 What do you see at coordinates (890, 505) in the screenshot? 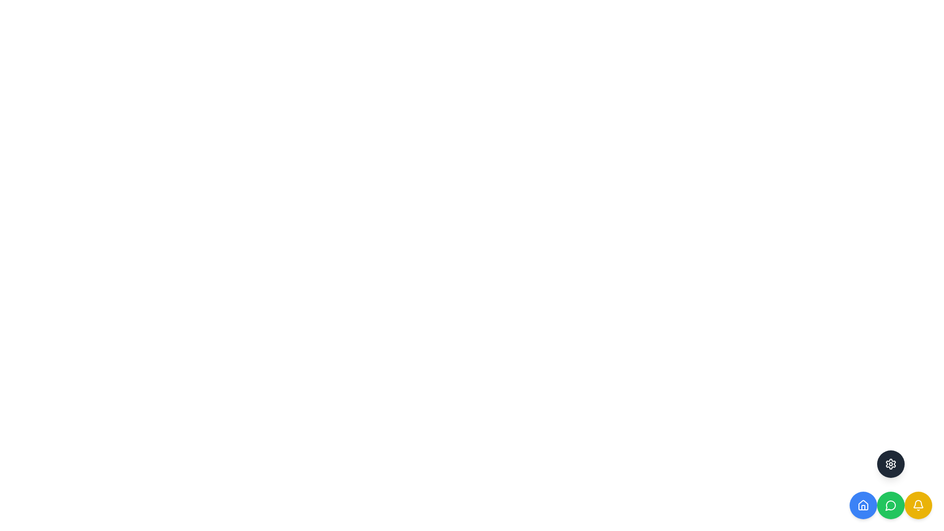
I see `the green speech bubble icon button located in the bottom-right corner of the interface` at bounding box center [890, 505].